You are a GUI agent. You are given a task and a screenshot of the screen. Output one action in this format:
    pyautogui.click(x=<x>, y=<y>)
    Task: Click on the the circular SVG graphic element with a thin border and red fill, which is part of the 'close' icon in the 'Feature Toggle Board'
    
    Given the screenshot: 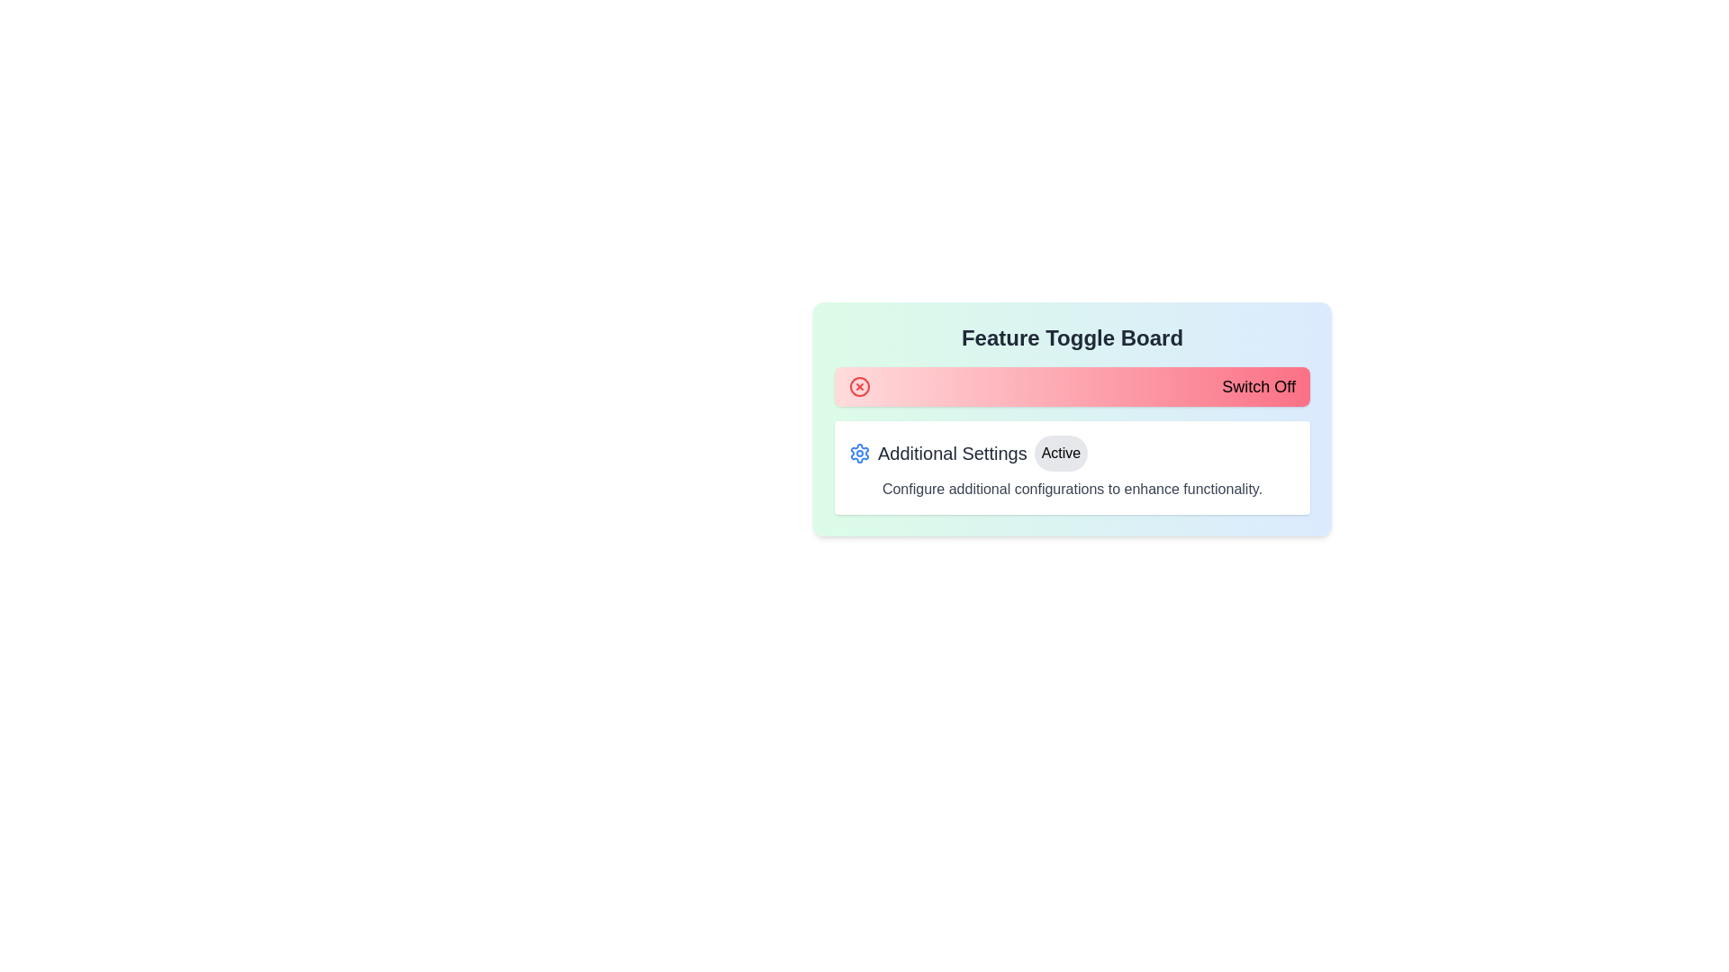 What is the action you would take?
    pyautogui.click(x=859, y=385)
    